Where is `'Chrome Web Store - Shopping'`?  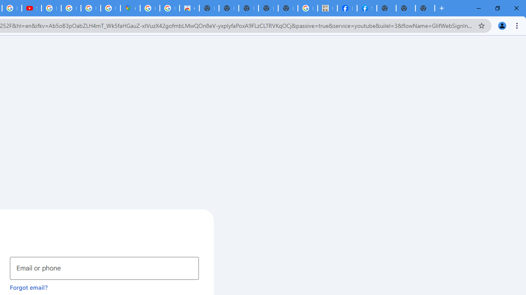 'Chrome Web Store - Shopping' is located at coordinates (189, 8).